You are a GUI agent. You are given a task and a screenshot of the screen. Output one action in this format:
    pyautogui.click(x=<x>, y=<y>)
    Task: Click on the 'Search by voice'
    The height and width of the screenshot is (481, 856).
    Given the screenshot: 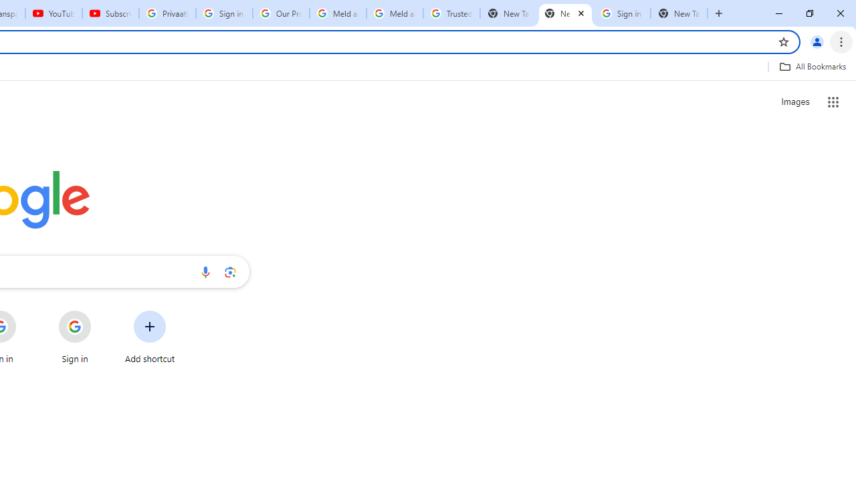 What is the action you would take?
    pyautogui.click(x=205, y=271)
    